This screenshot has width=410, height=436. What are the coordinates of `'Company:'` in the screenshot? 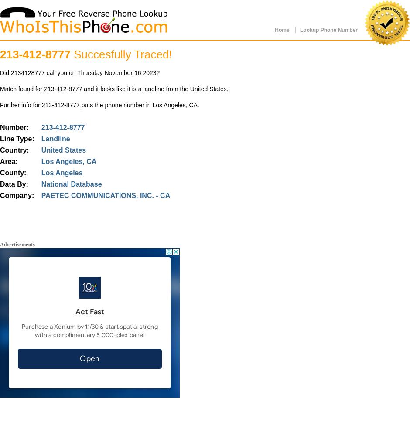 It's located at (17, 195).